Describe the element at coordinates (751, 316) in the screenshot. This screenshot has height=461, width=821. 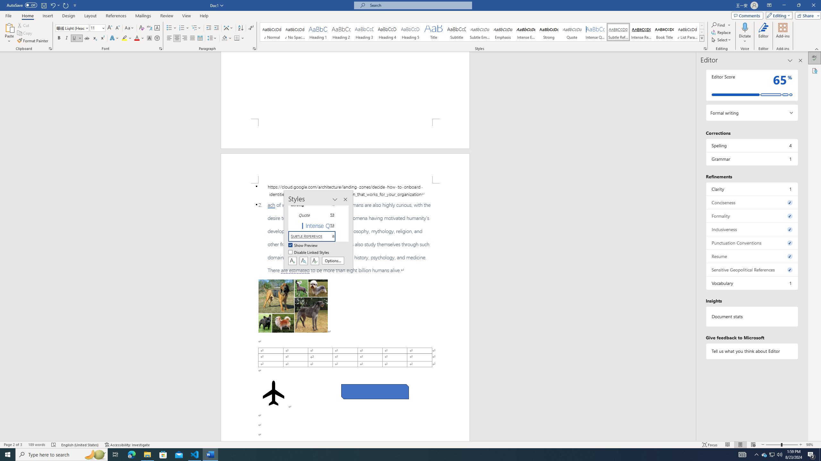
I see `'Document statistics'` at that location.